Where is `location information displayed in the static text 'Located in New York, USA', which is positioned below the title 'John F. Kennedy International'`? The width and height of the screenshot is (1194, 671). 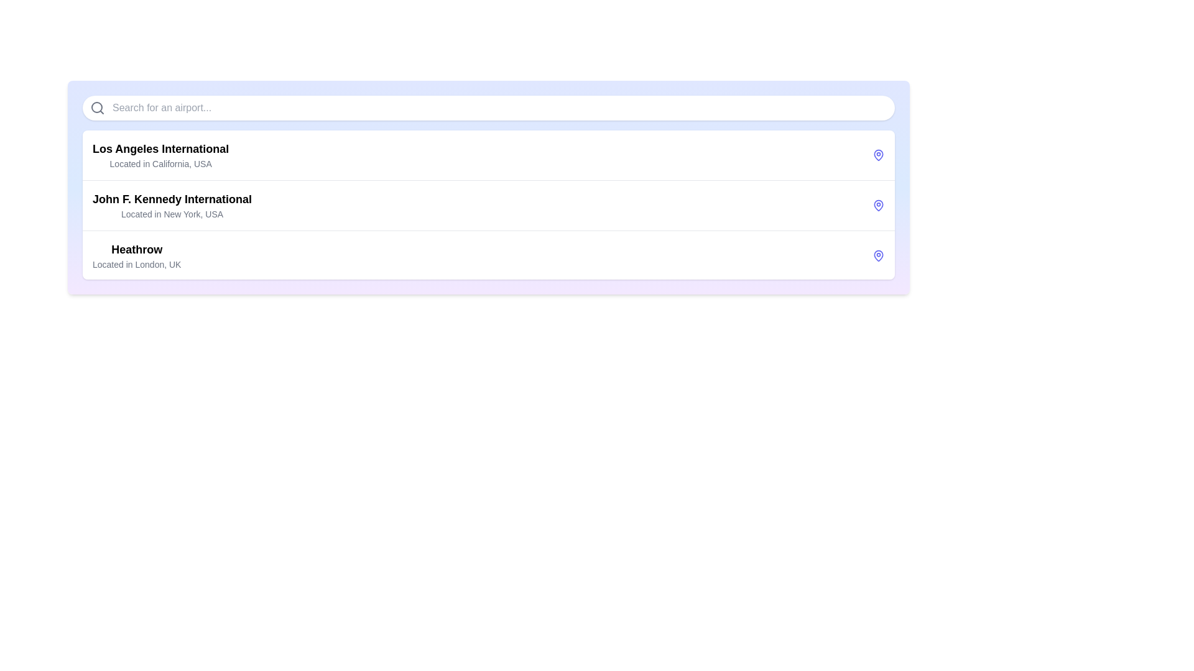 location information displayed in the static text 'Located in New York, USA', which is positioned below the title 'John F. Kennedy International' is located at coordinates (172, 213).